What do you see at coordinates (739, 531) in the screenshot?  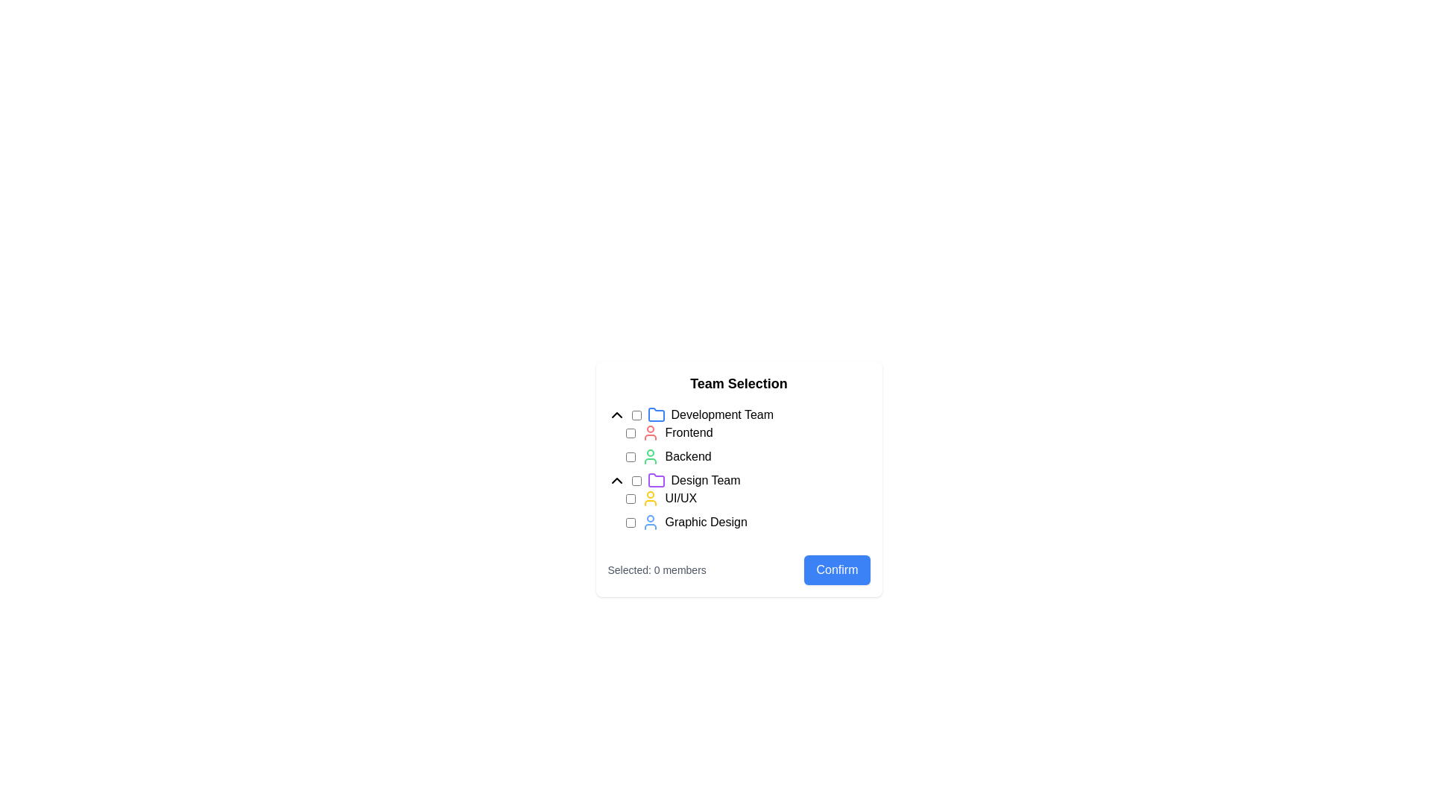 I see `the checkboxes` at bounding box center [739, 531].